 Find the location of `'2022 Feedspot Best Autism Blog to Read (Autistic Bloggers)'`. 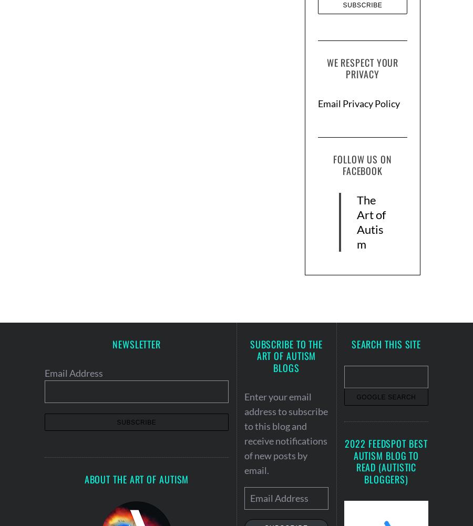

'2022 Feedspot Best Autism Blog to Read (Autistic Bloggers)' is located at coordinates (345, 461).